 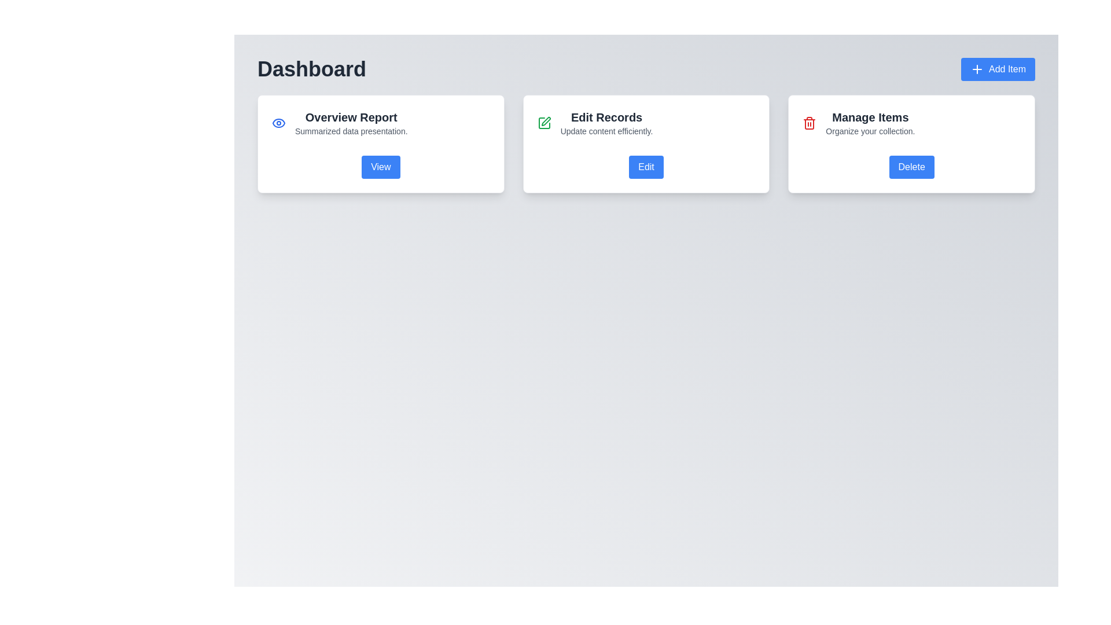 I want to click on the eye icon located in the header section of the 'Overview Report' card on the dashboard, so click(x=278, y=123).